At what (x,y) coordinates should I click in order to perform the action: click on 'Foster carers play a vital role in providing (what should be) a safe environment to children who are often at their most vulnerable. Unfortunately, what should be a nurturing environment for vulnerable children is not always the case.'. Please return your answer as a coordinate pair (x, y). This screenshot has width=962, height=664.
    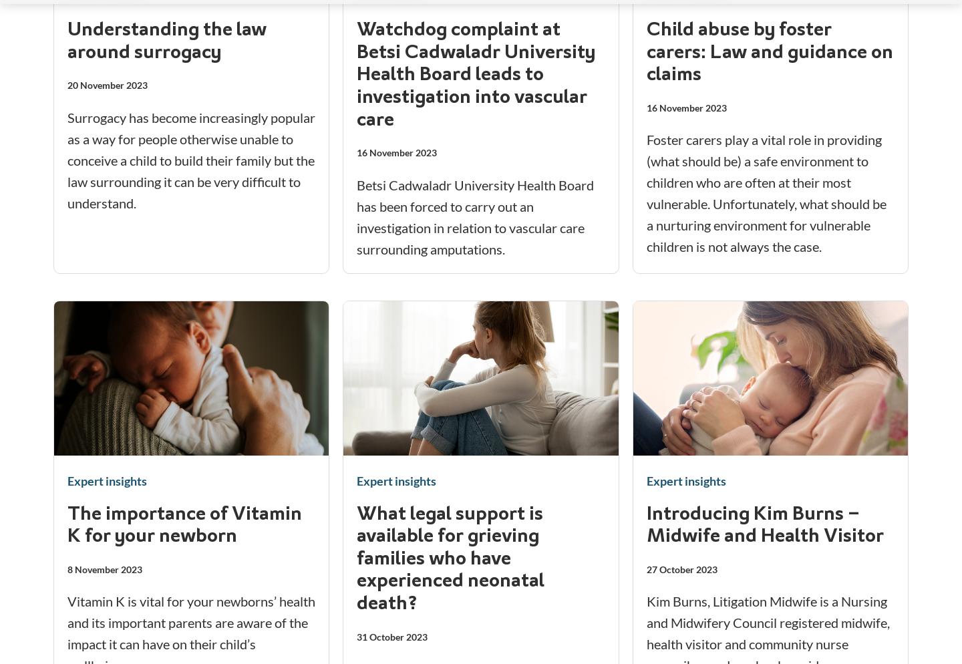
    Looking at the image, I should click on (766, 192).